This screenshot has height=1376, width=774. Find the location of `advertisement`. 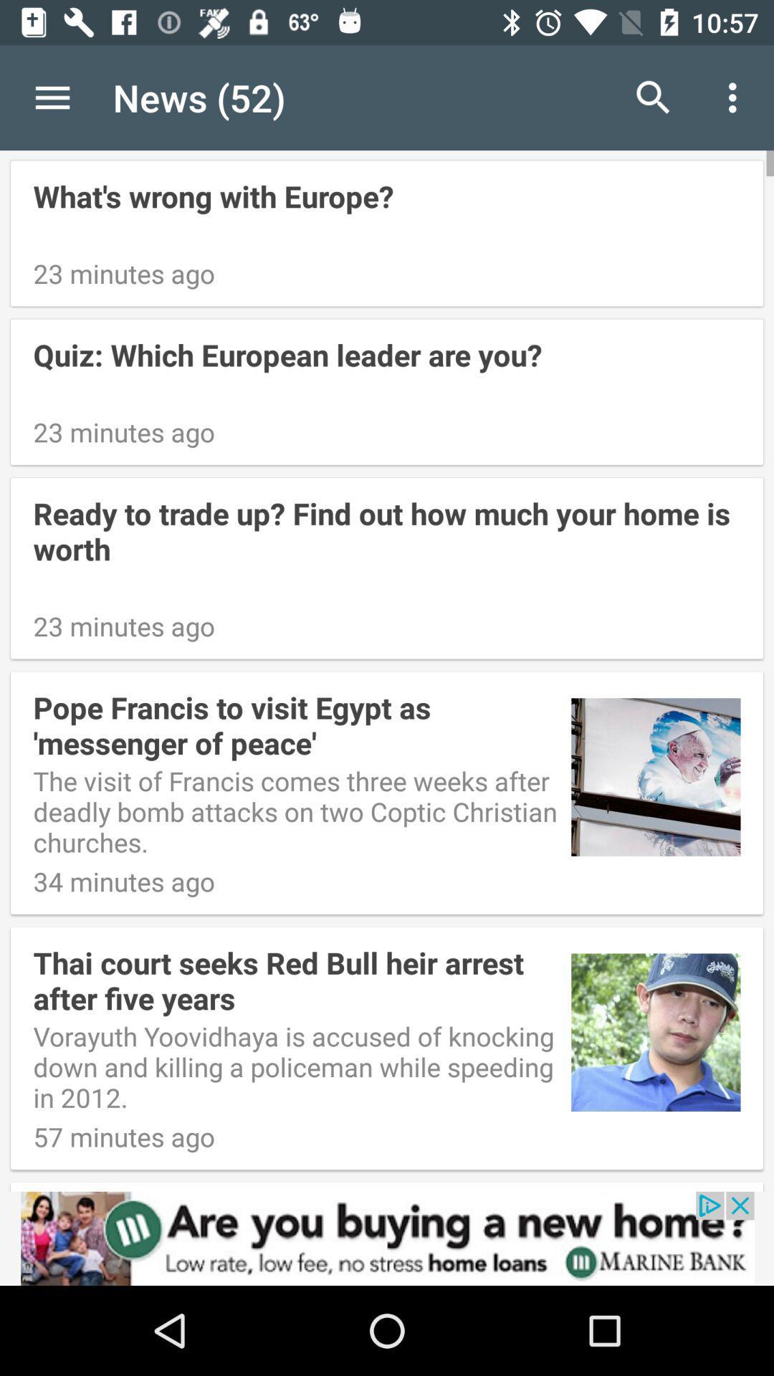

advertisement is located at coordinates (387, 1238).